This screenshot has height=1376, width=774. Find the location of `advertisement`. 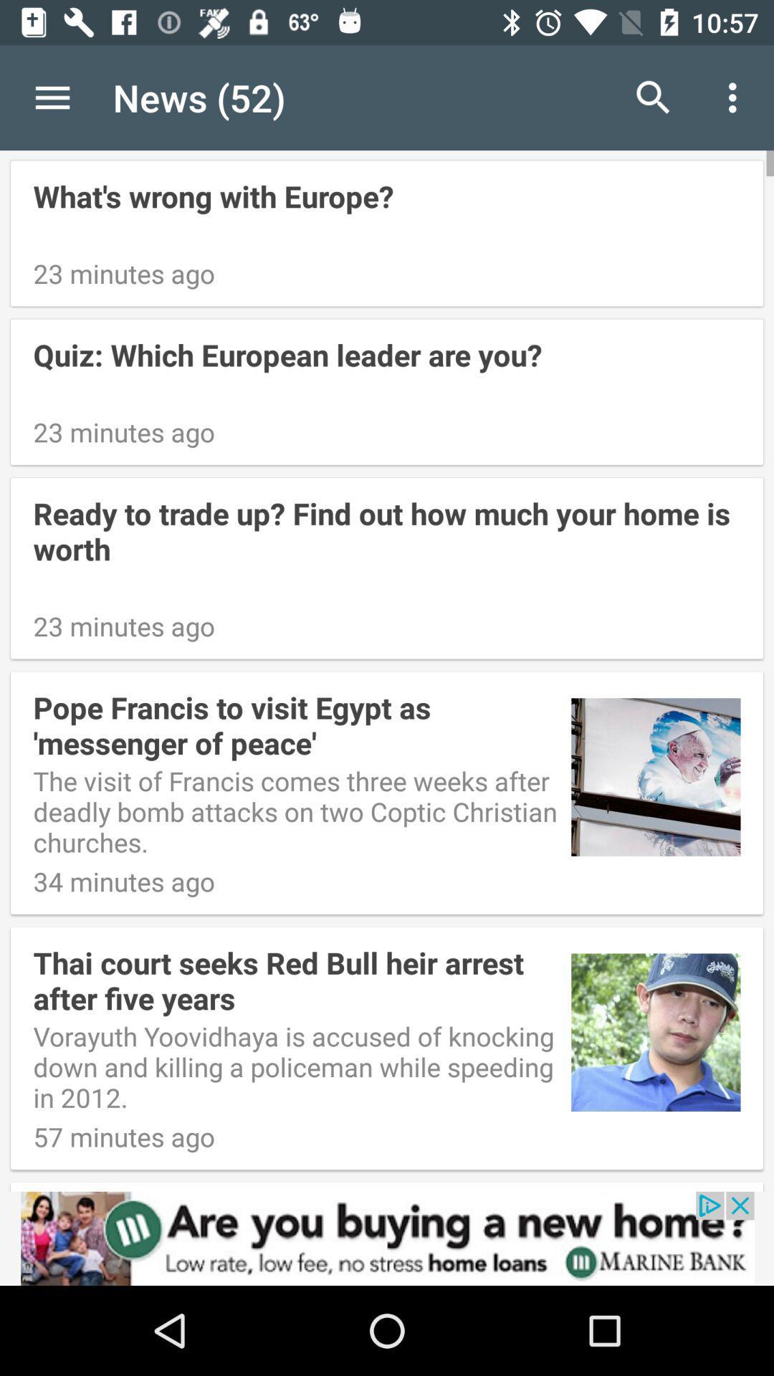

advertisement is located at coordinates (387, 1238).